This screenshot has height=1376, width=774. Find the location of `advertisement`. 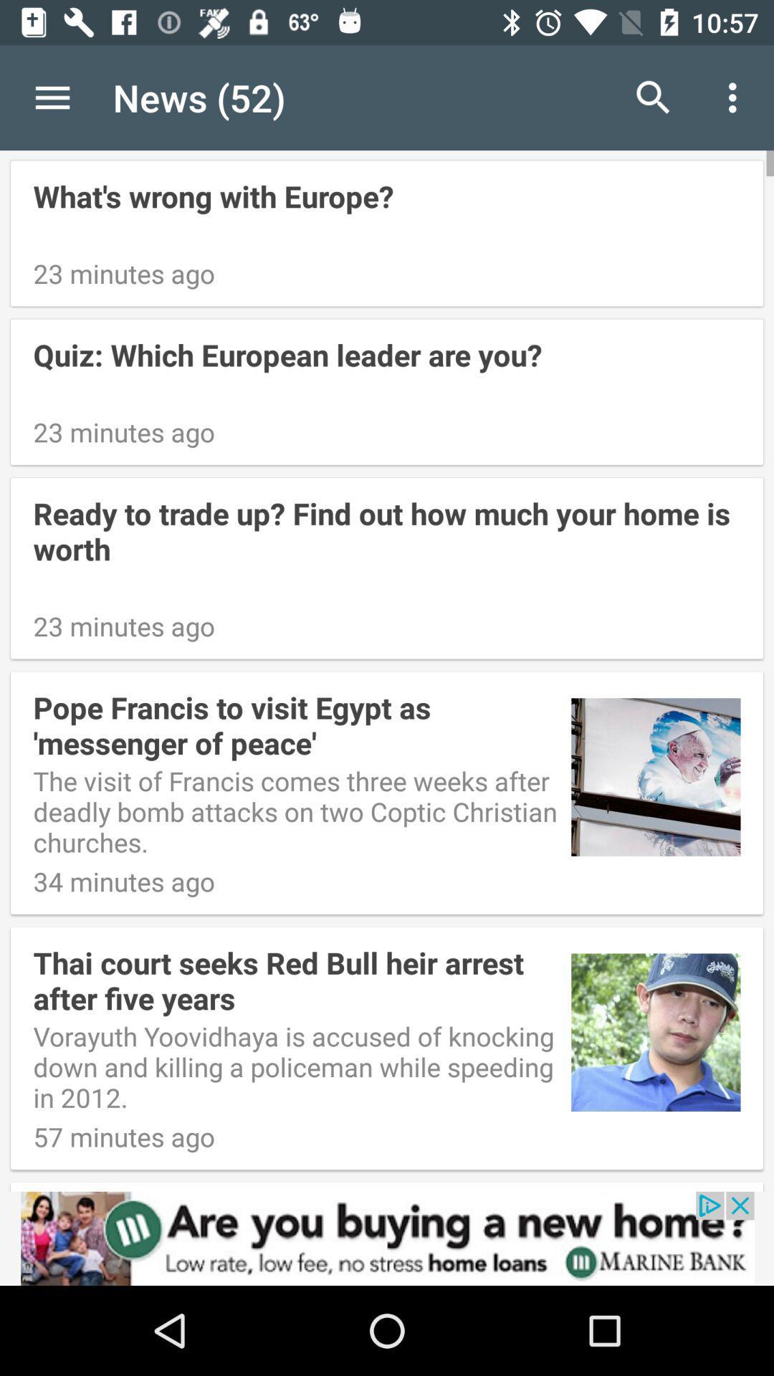

advertisement is located at coordinates (387, 1238).